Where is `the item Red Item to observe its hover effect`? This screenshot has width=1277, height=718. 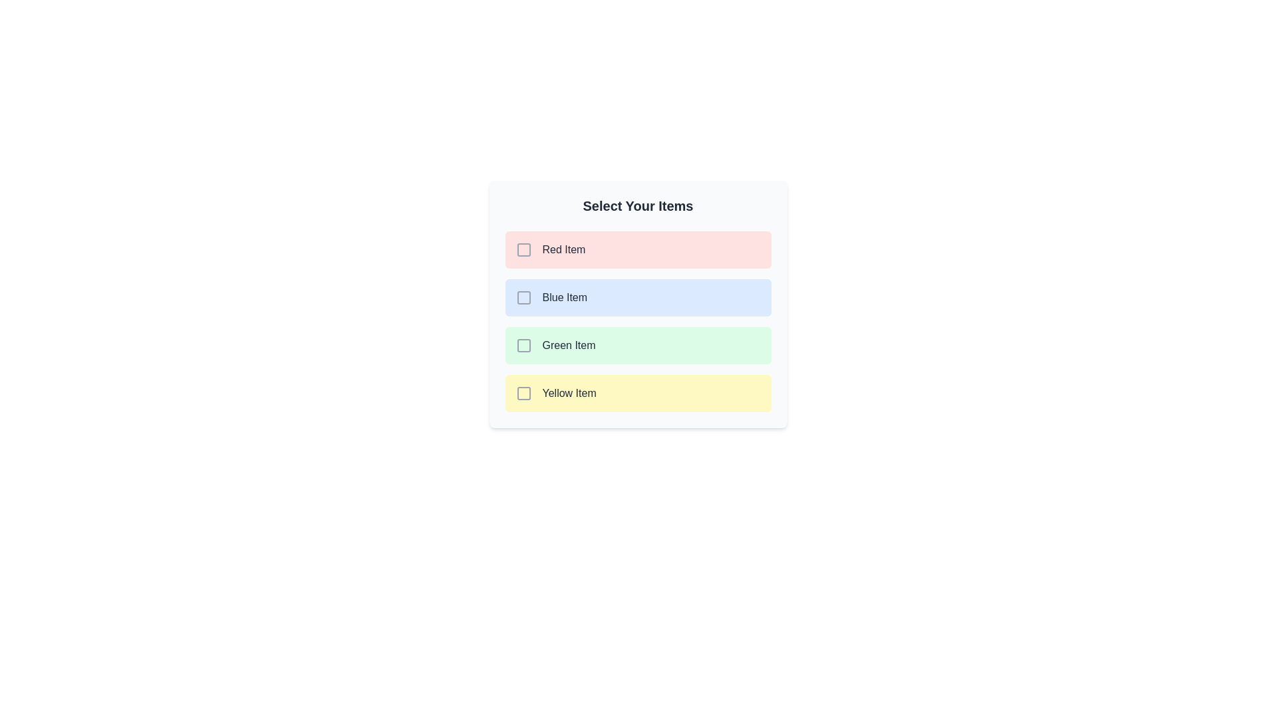 the item Red Item to observe its hover effect is located at coordinates (637, 249).